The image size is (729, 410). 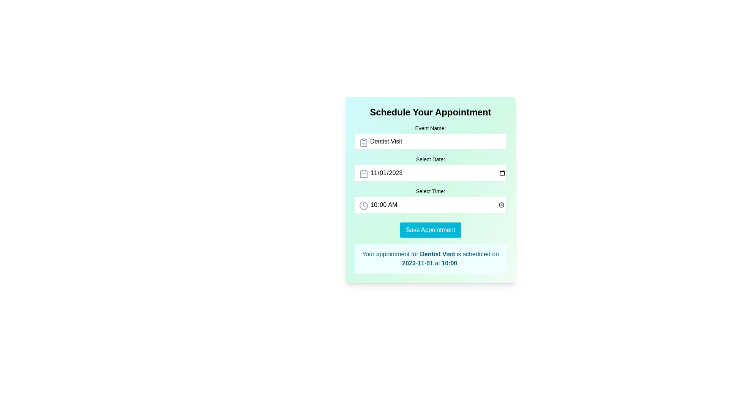 I want to click on the static text displaying the scheduled date of an appointment, located inside a light blue box between 'scheduled on' and 'at 10:00', so click(x=417, y=263).